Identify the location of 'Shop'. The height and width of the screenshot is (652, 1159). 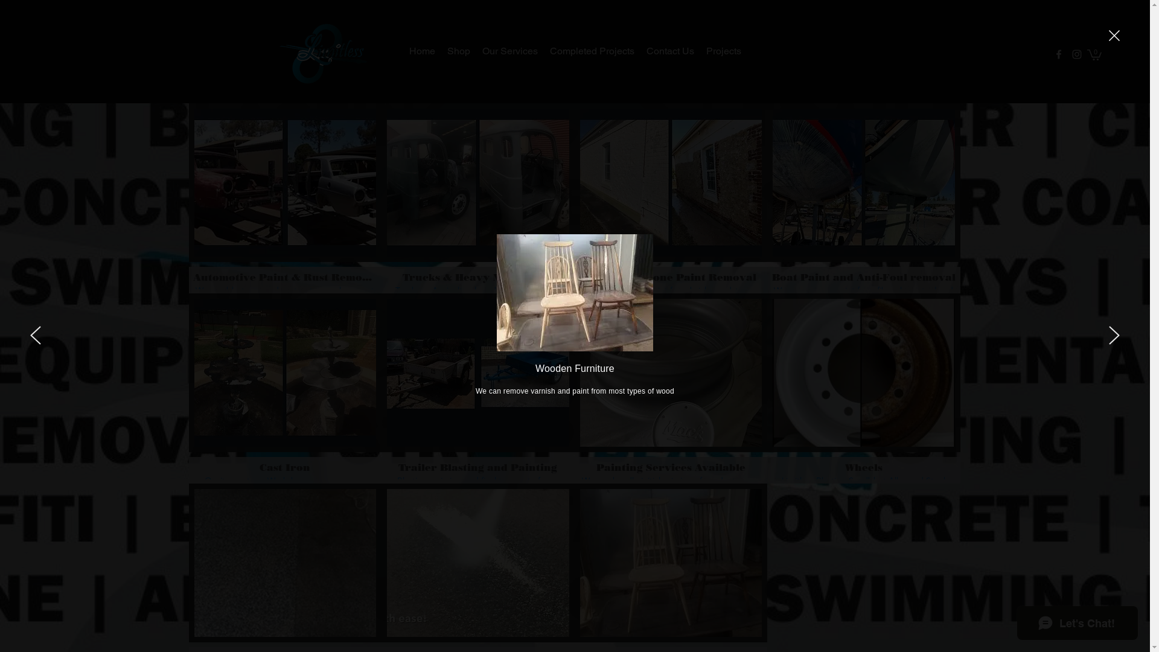
(439, 50).